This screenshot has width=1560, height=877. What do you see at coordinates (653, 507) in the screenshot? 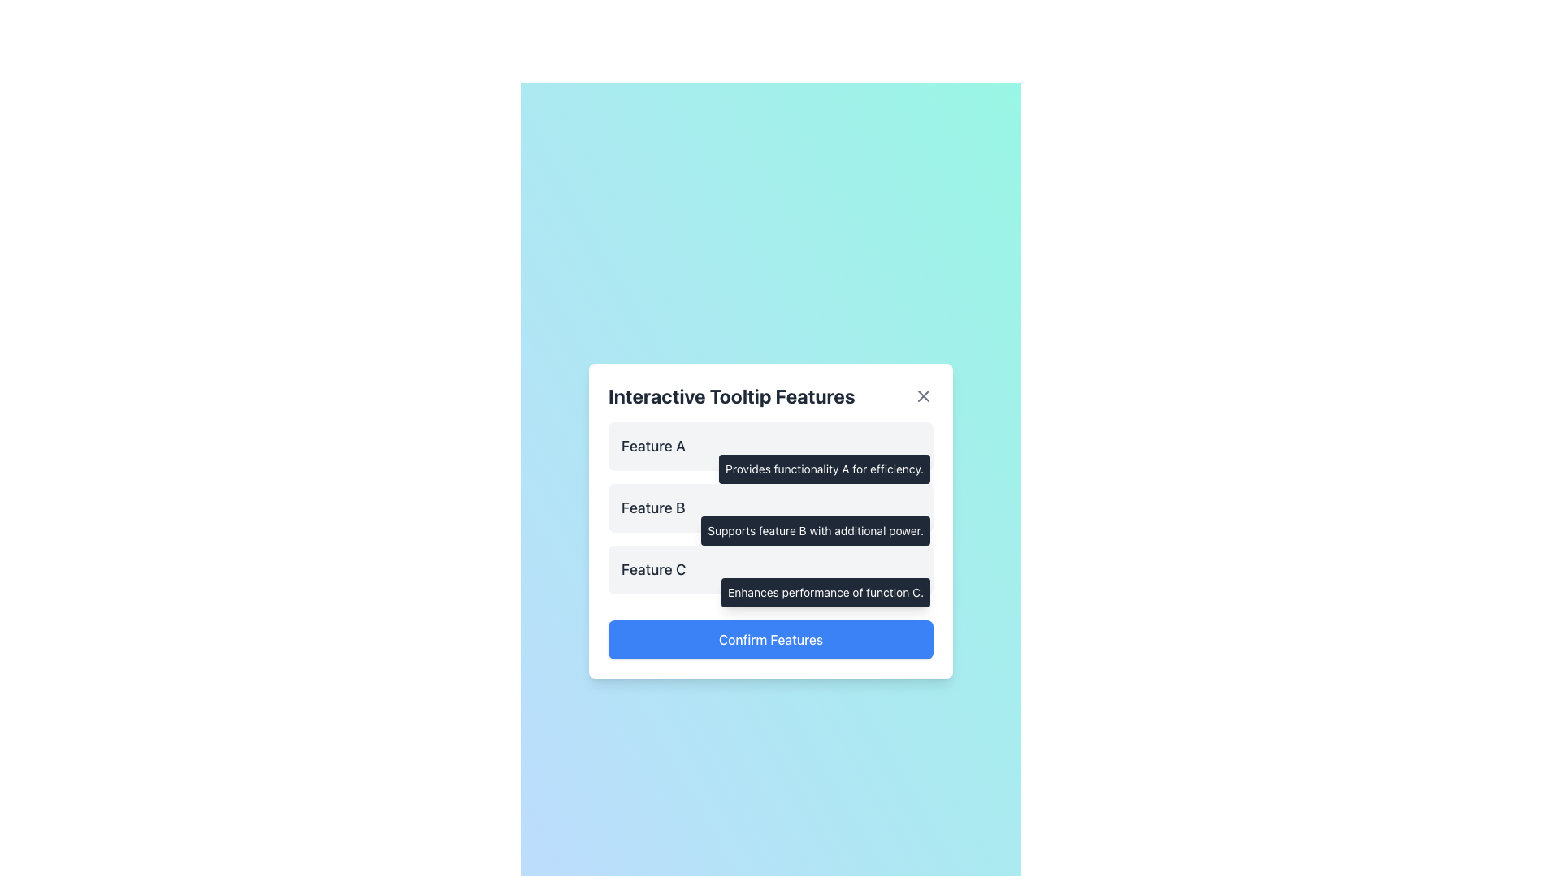
I see `the text label reading 'Feature B'` at bounding box center [653, 507].